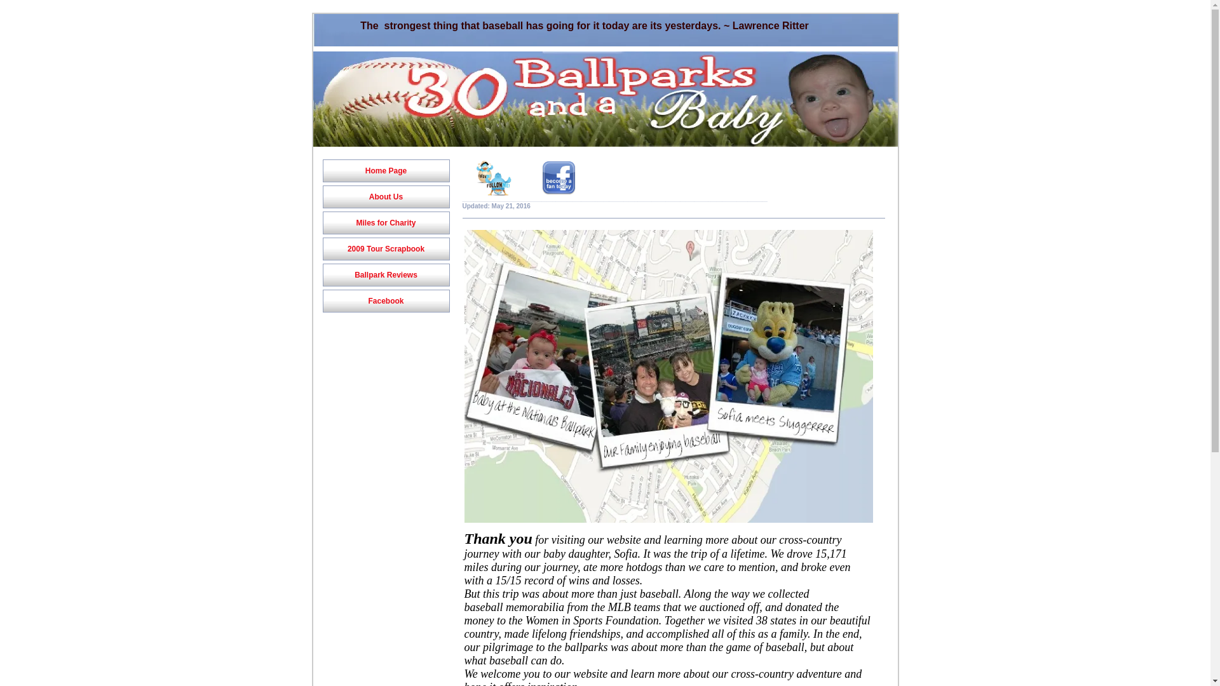  What do you see at coordinates (621, 607) in the screenshot?
I see `'MLB'` at bounding box center [621, 607].